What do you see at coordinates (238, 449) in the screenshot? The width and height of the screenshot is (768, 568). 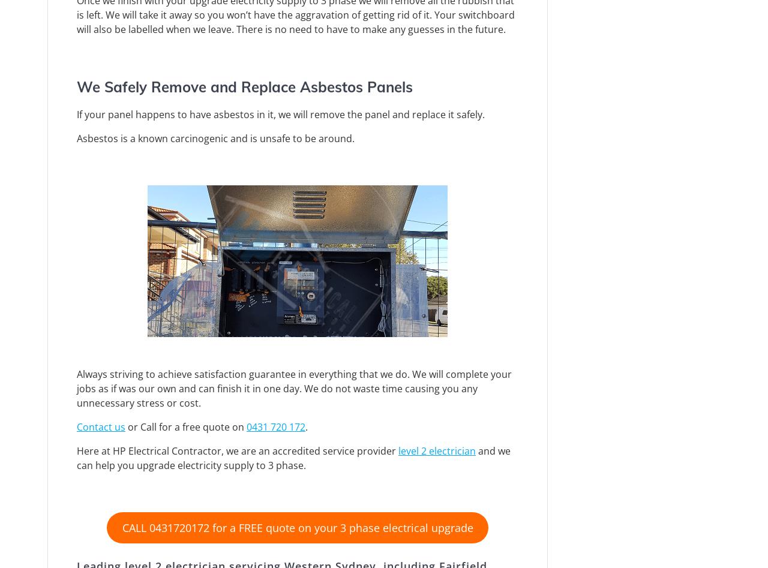 I see `'Here at HP Electrical Contractor, we are an accredited service provider'` at bounding box center [238, 449].